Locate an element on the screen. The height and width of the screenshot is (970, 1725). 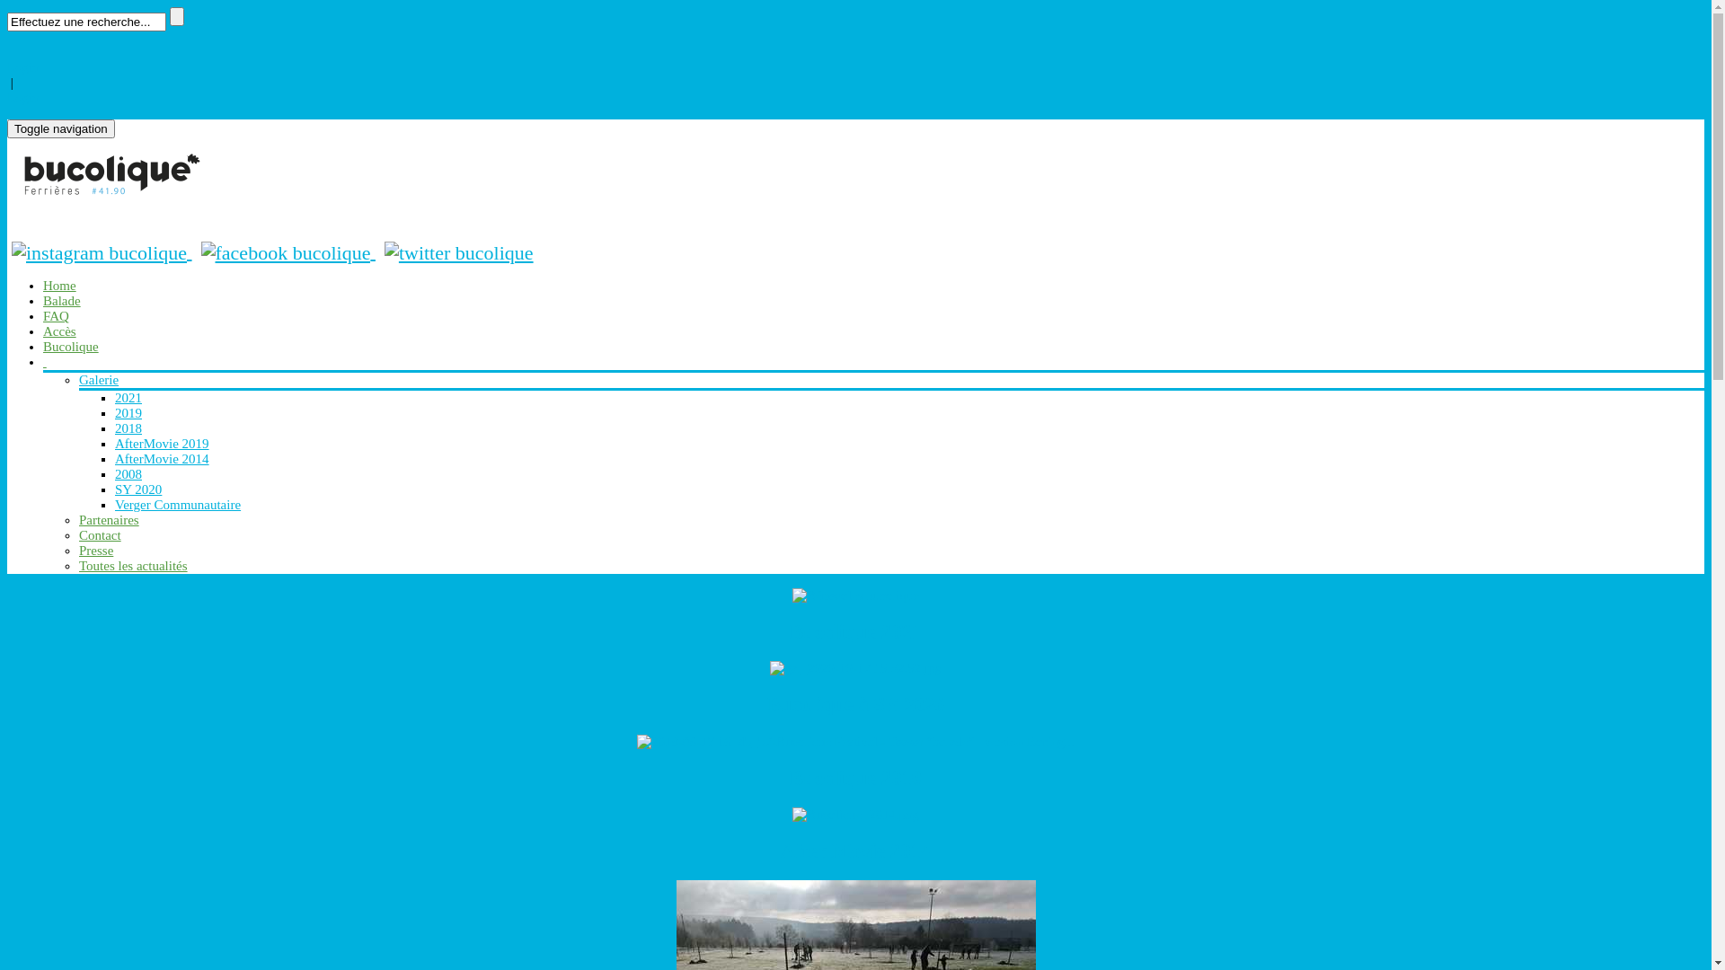
'Presse' is located at coordinates (94, 550).